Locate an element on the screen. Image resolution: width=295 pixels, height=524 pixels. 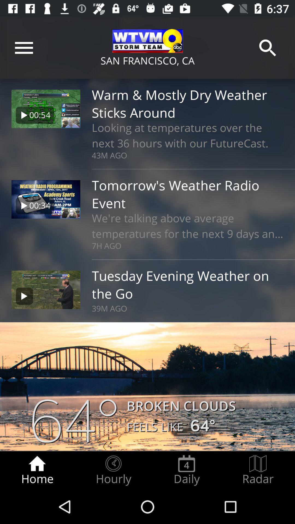
radio button to the left of the hourly is located at coordinates (37, 470).